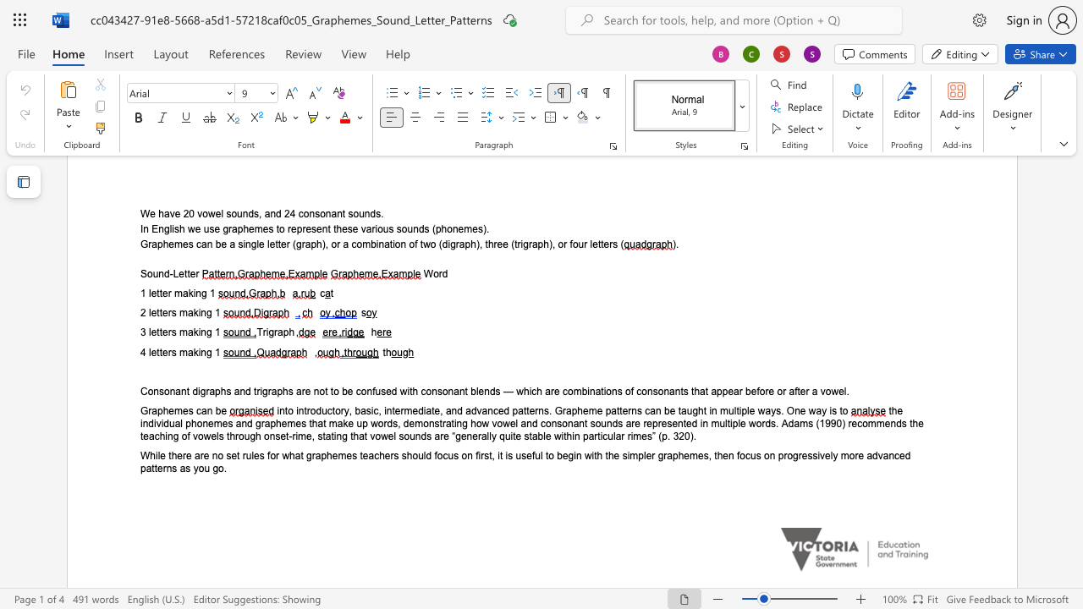 This screenshot has width=1083, height=609. What do you see at coordinates (201, 410) in the screenshot?
I see `the space between the continuous character "c" and "a" in the text` at bounding box center [201, 410].